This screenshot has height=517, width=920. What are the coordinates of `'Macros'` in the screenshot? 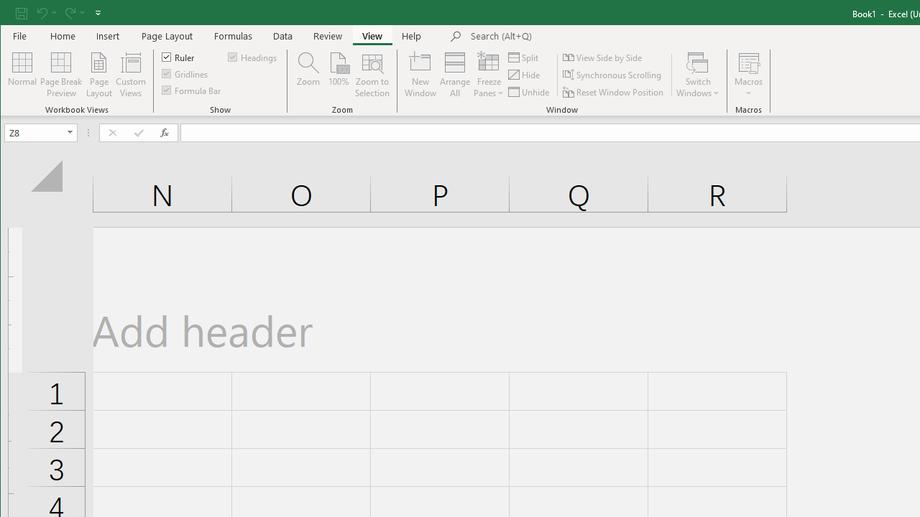 It's located at (747, 75).